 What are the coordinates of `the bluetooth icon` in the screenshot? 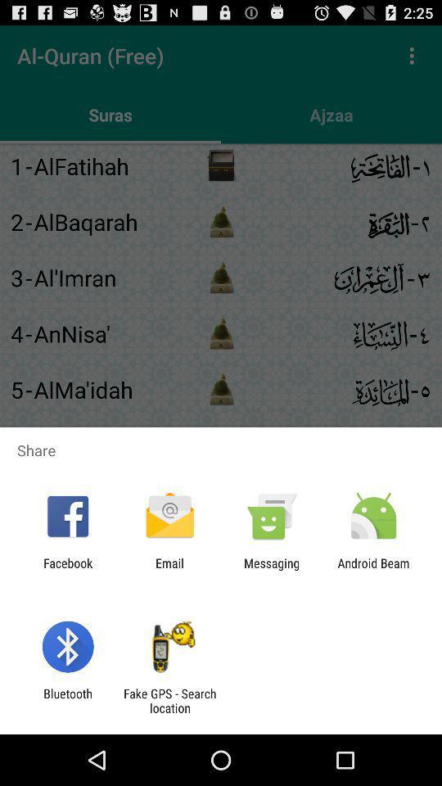 It's located at (67, 700).